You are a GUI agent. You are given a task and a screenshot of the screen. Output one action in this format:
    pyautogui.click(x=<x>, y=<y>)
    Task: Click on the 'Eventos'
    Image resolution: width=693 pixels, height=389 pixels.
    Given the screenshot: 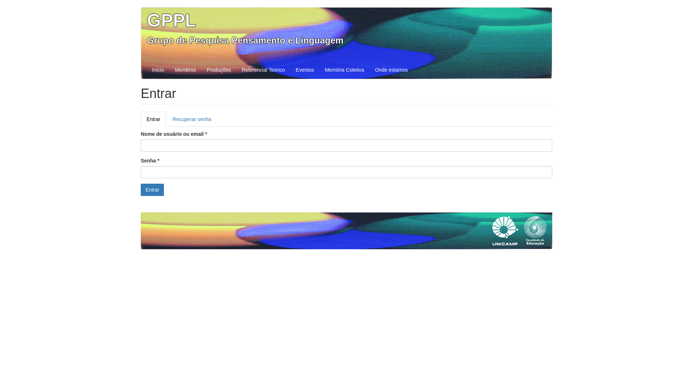 What is the action you would take?
    pyautogui.click(x=305, y=70)
    